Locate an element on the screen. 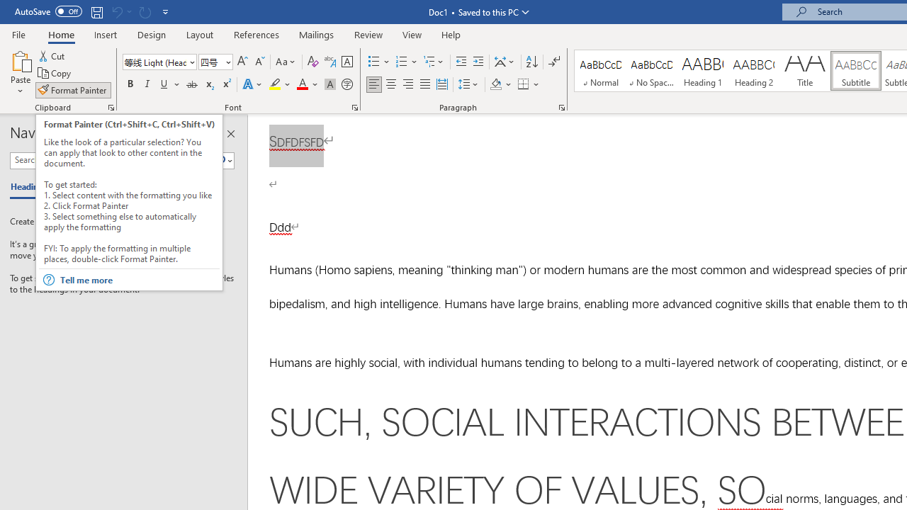 This screenshot has width=907, height=510. 'Clear Formatting' is located at coordinates (312, 61).